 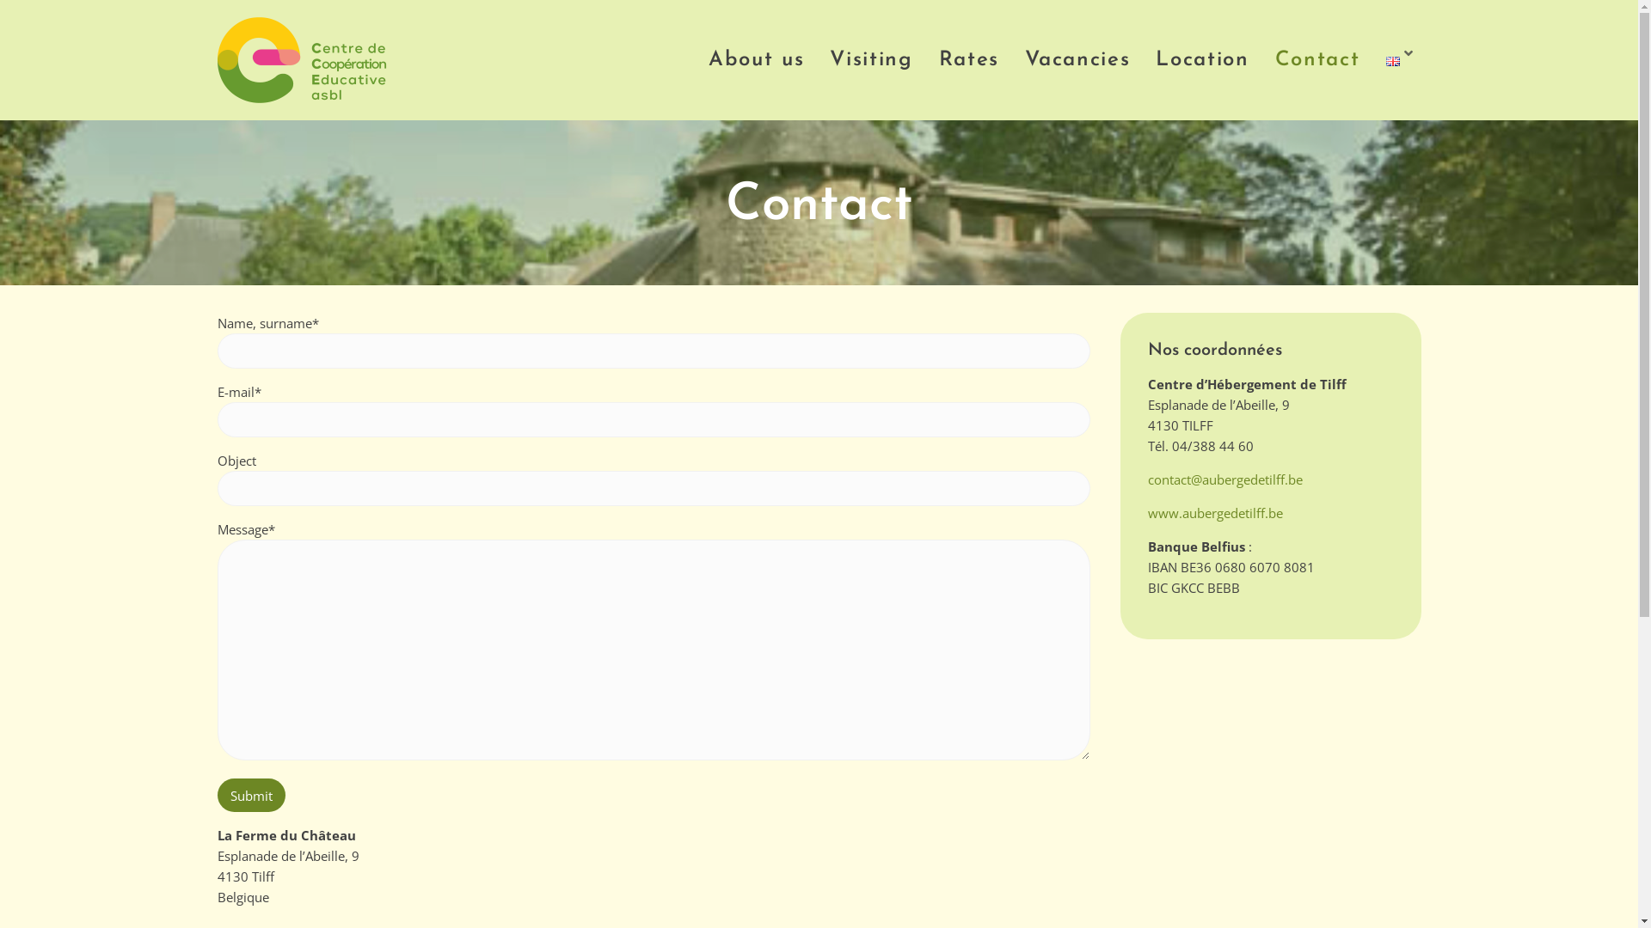 What do you see at coordinates (870, 58) in the screenshot?
I see `'Visiting'` at bounding box center [870, 58].